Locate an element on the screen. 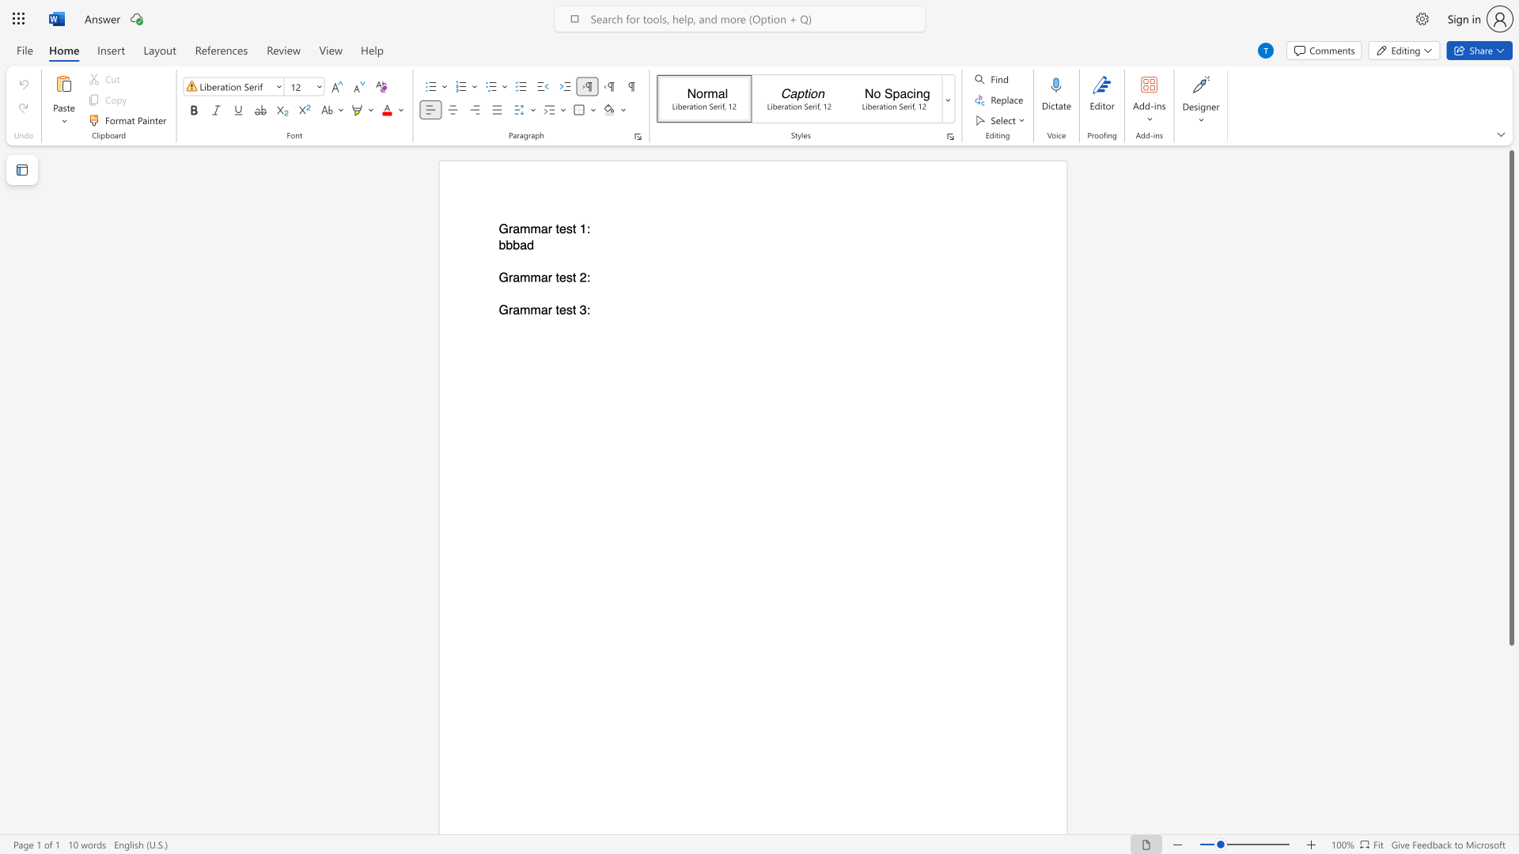 This screenshot has width=1519, height=854. the scrollbar on the right to shift the page lower is located at coordinates (1510, 790).